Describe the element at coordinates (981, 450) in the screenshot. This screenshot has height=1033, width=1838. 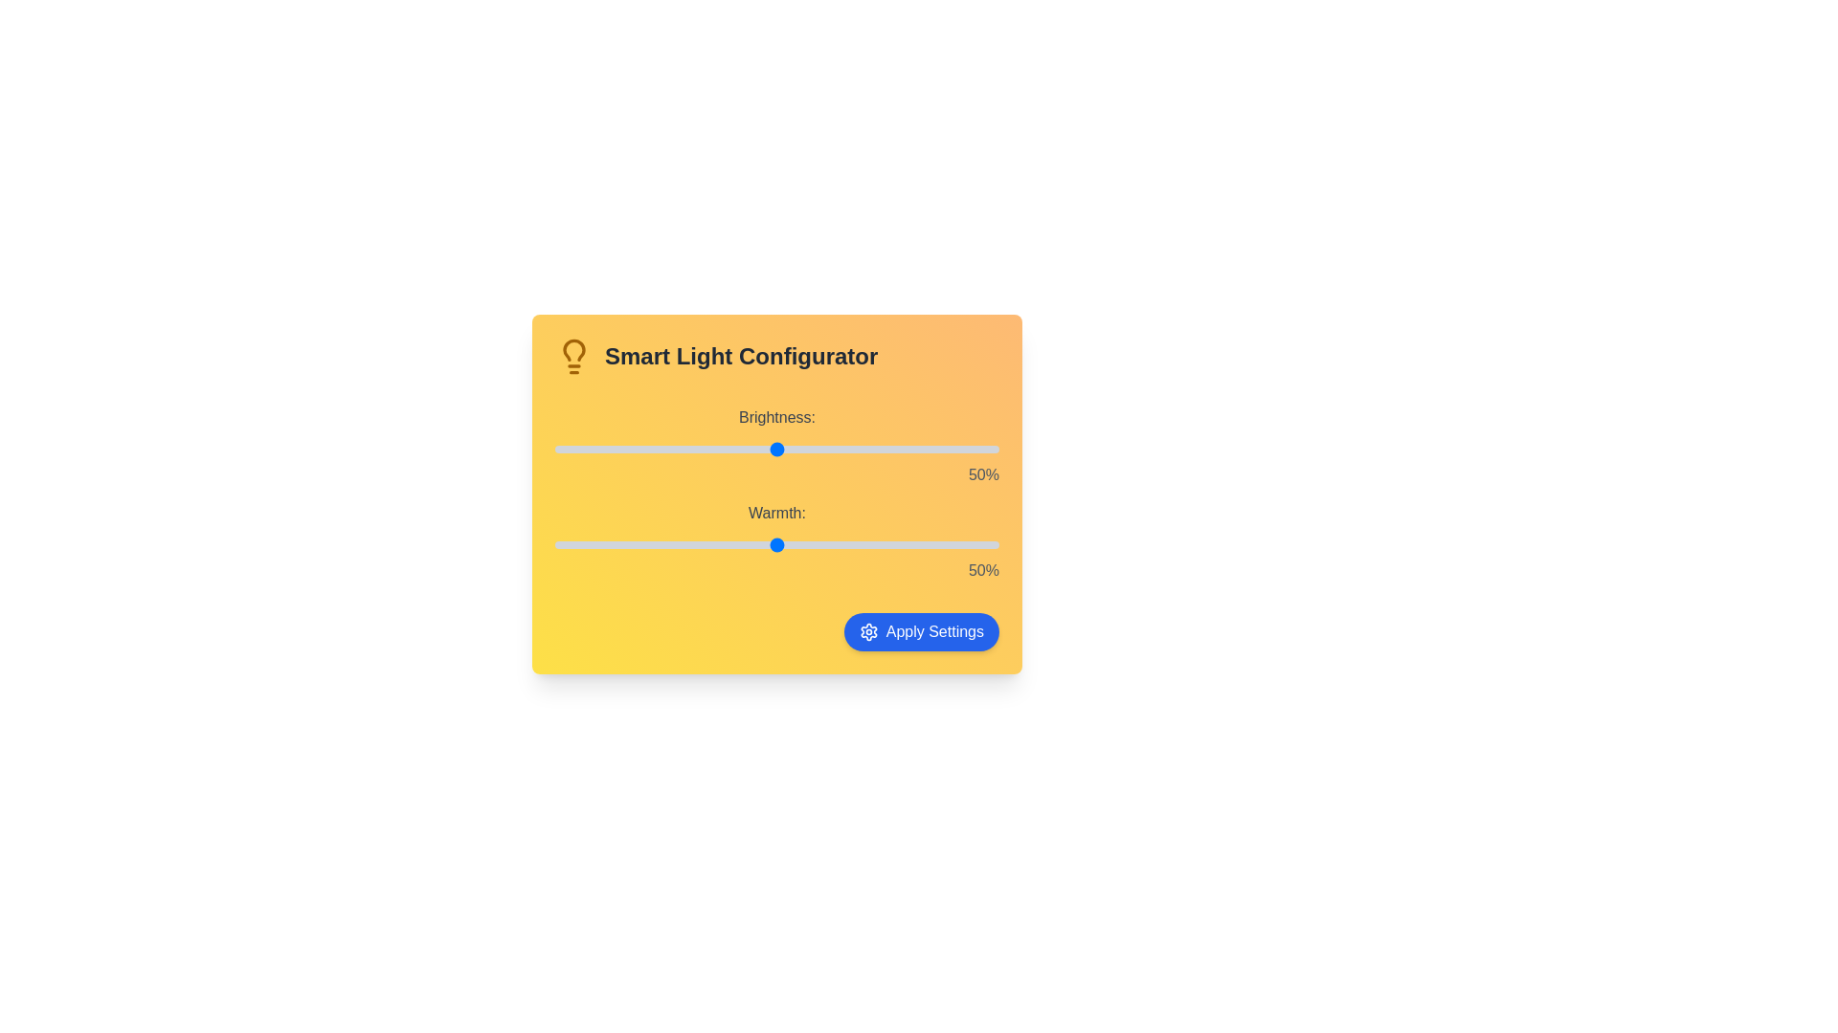
I see `the brightness level` at that location.